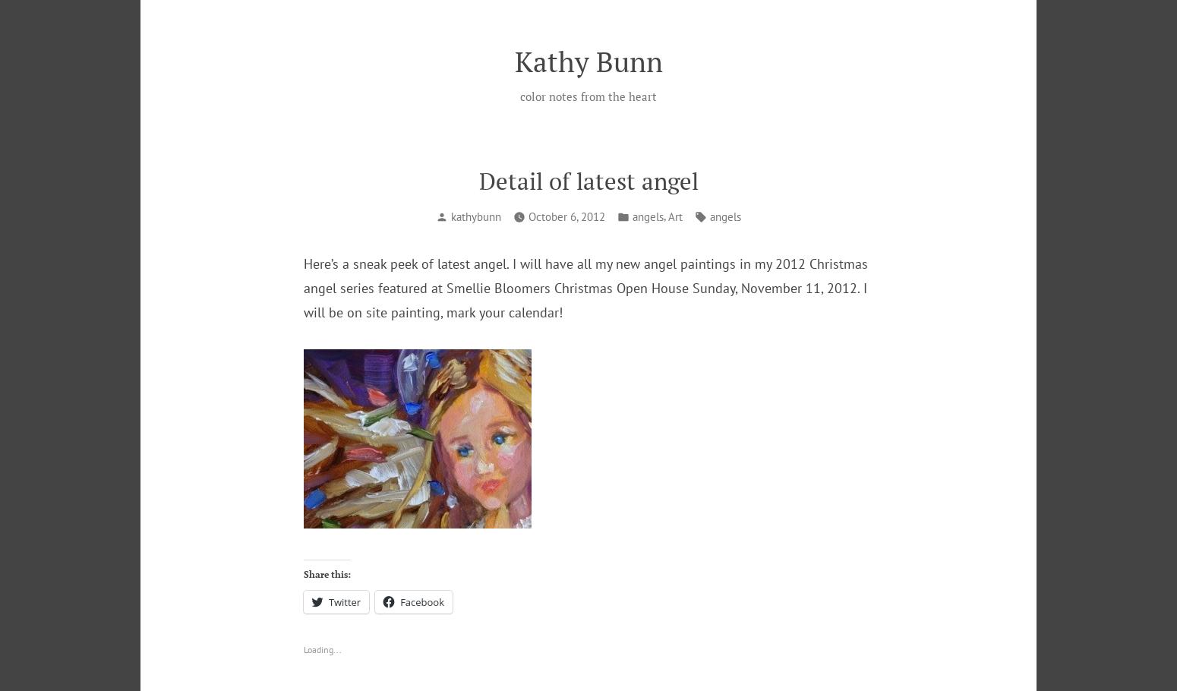  I want to click on 'October 6, 2012', so click(527, 216).